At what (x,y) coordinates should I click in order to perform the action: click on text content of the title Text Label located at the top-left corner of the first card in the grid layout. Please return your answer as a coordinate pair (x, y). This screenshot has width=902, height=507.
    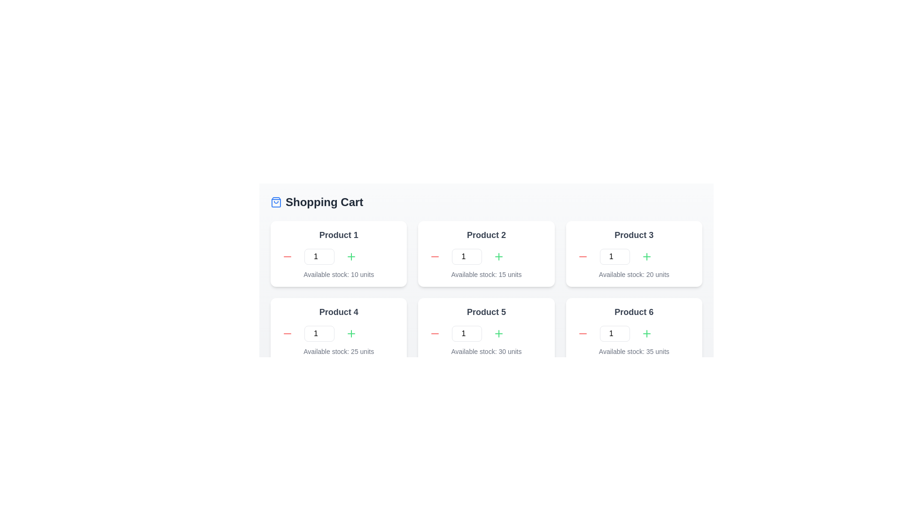
    Looking at the image, I should click on (338, 235).